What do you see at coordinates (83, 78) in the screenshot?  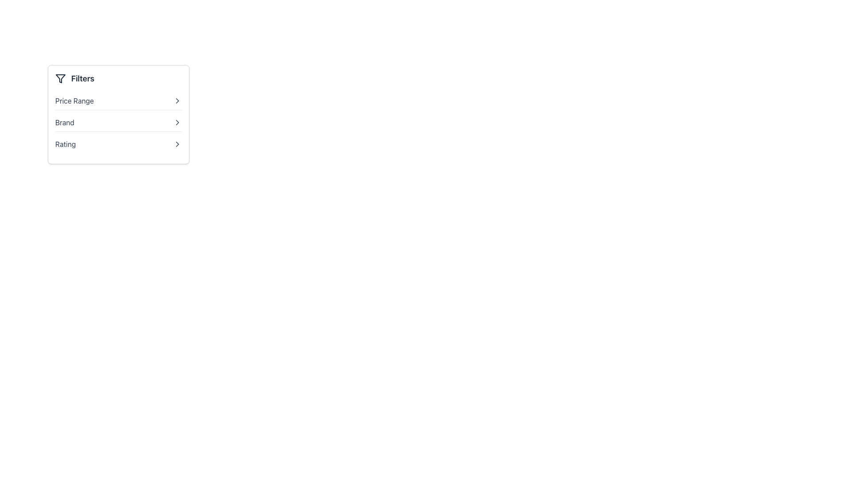 I see `the 'Filters' text label, which indicates the section for filtering items and is located to the right of a funnel icon in the upper left section of the panel` at bounding box center [83, 78].